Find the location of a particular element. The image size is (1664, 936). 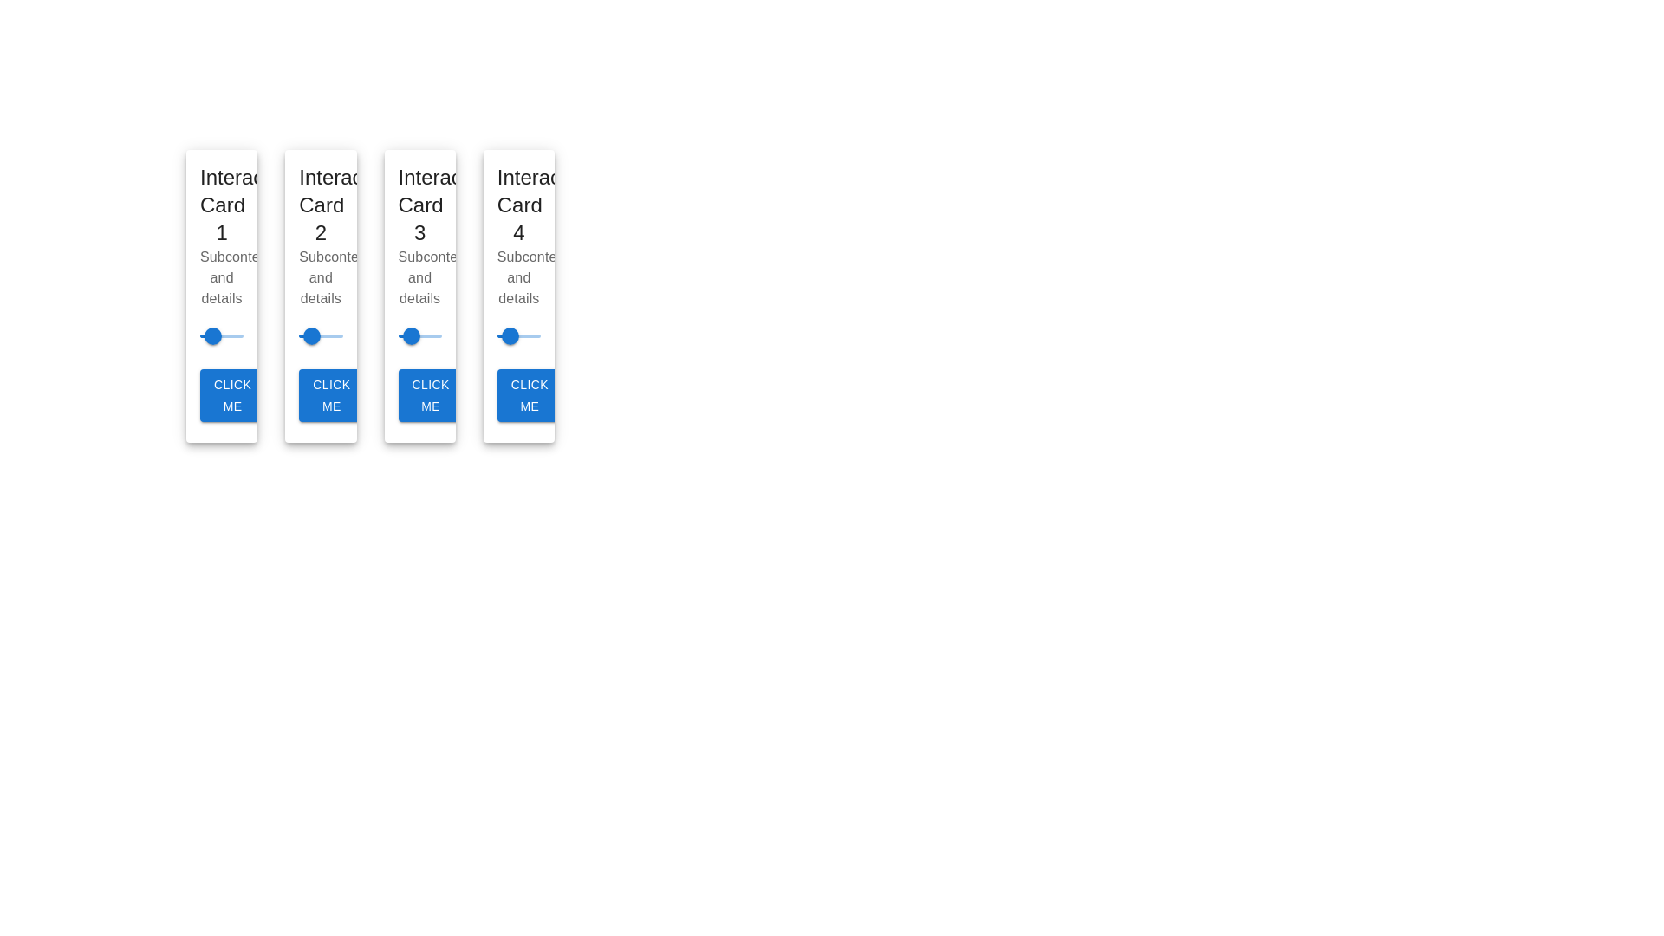

the slider is located at coordinates (302, 336).